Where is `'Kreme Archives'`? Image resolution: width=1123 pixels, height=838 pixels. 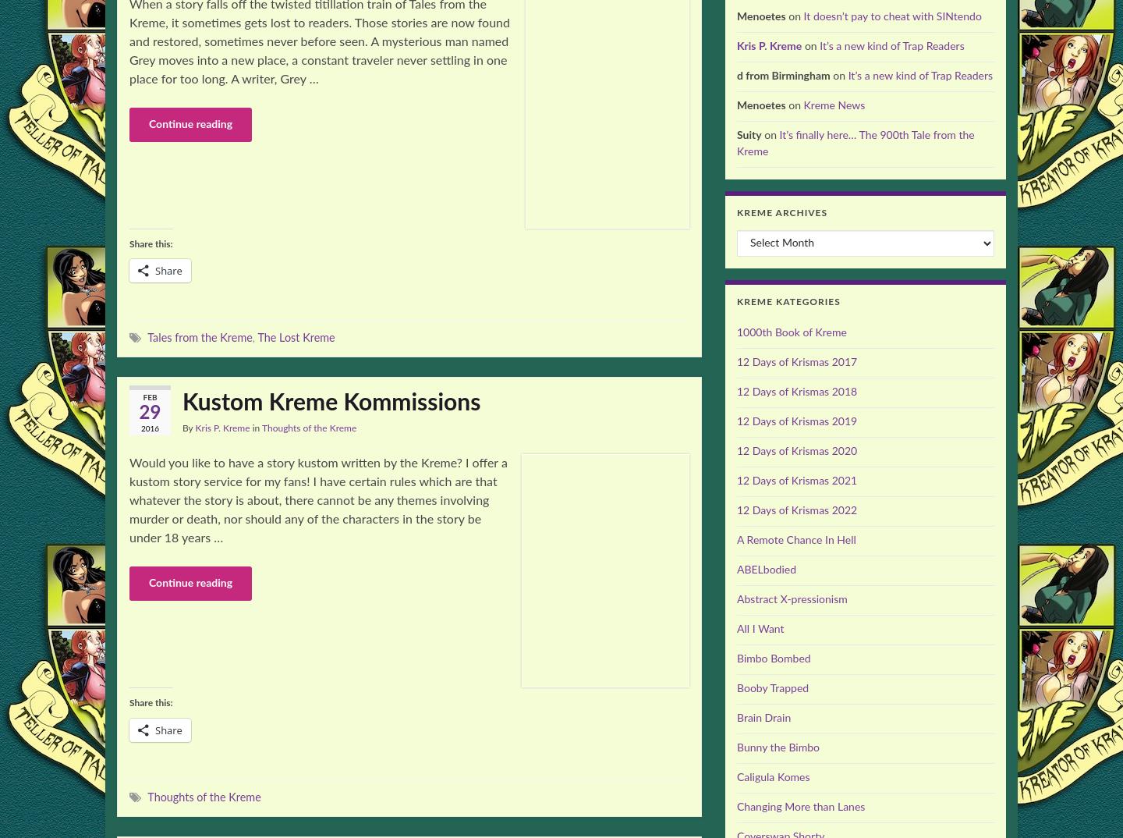 'Kreme Archives' is located at coordinates (781, 213).